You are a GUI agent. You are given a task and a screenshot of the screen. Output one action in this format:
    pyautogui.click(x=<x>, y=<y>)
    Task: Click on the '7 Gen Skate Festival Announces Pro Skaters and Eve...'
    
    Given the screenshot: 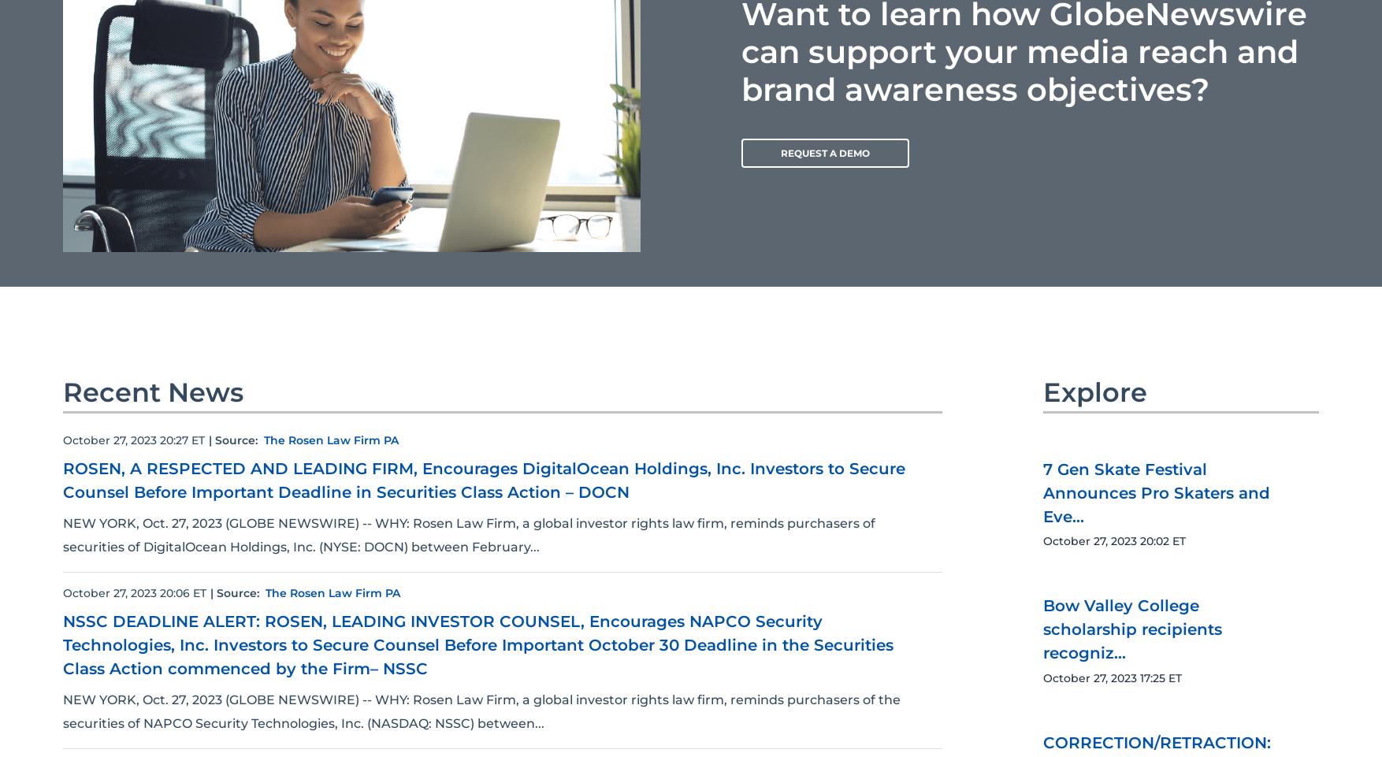 What is the action you would take?
    pyautogui.click(x=1042, y=642)
    